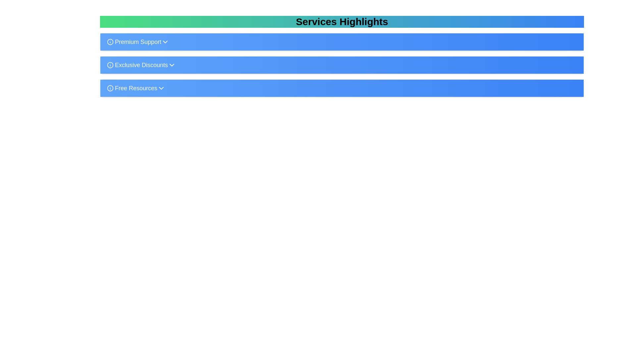 Image resolution: width=636 pixels, height=357 pixels. Describe the element at coordinates (132, 88) in the screenshot. I see `the 'Free Resources' text label, which is styled in white text against a blue background, located within the 'Services Highlights' group as the third item` at that location.